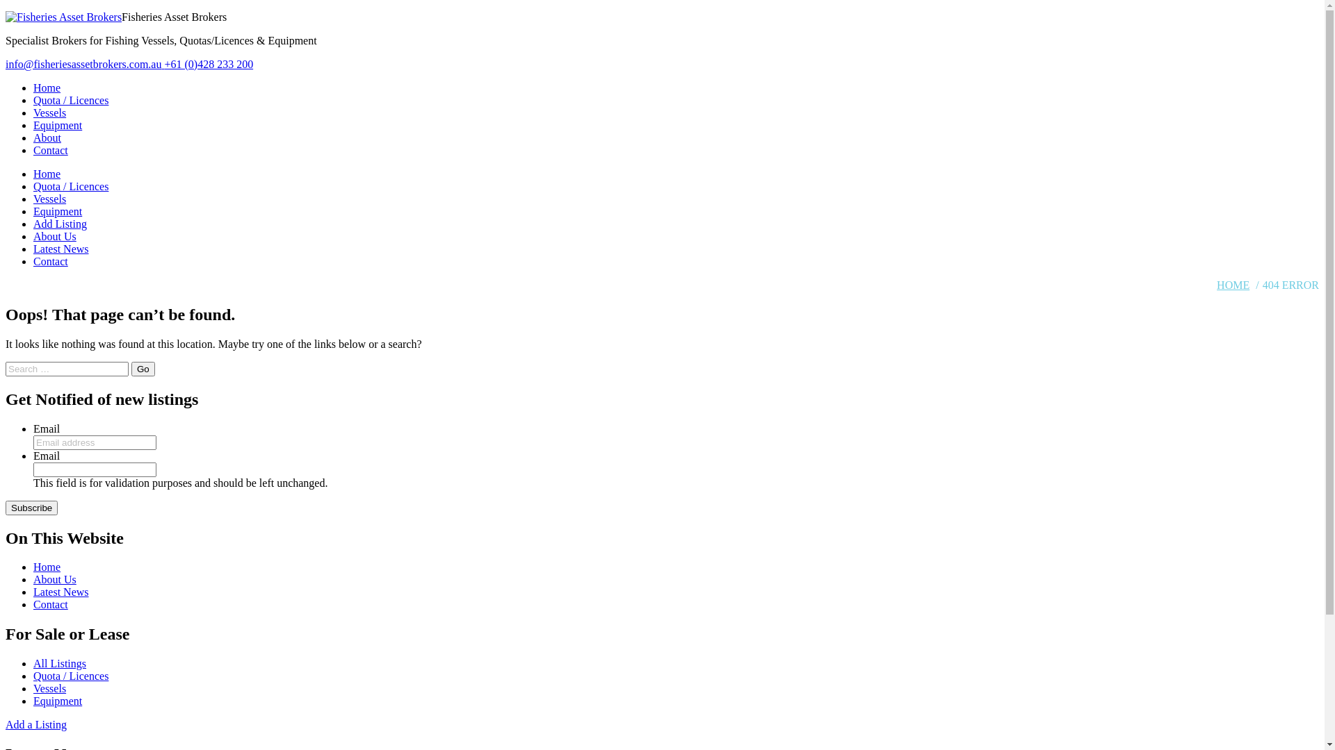  What do you see at coordinates (131, 368) in the screenshot?
I see `'Go'` at bounding box center [131, 368].